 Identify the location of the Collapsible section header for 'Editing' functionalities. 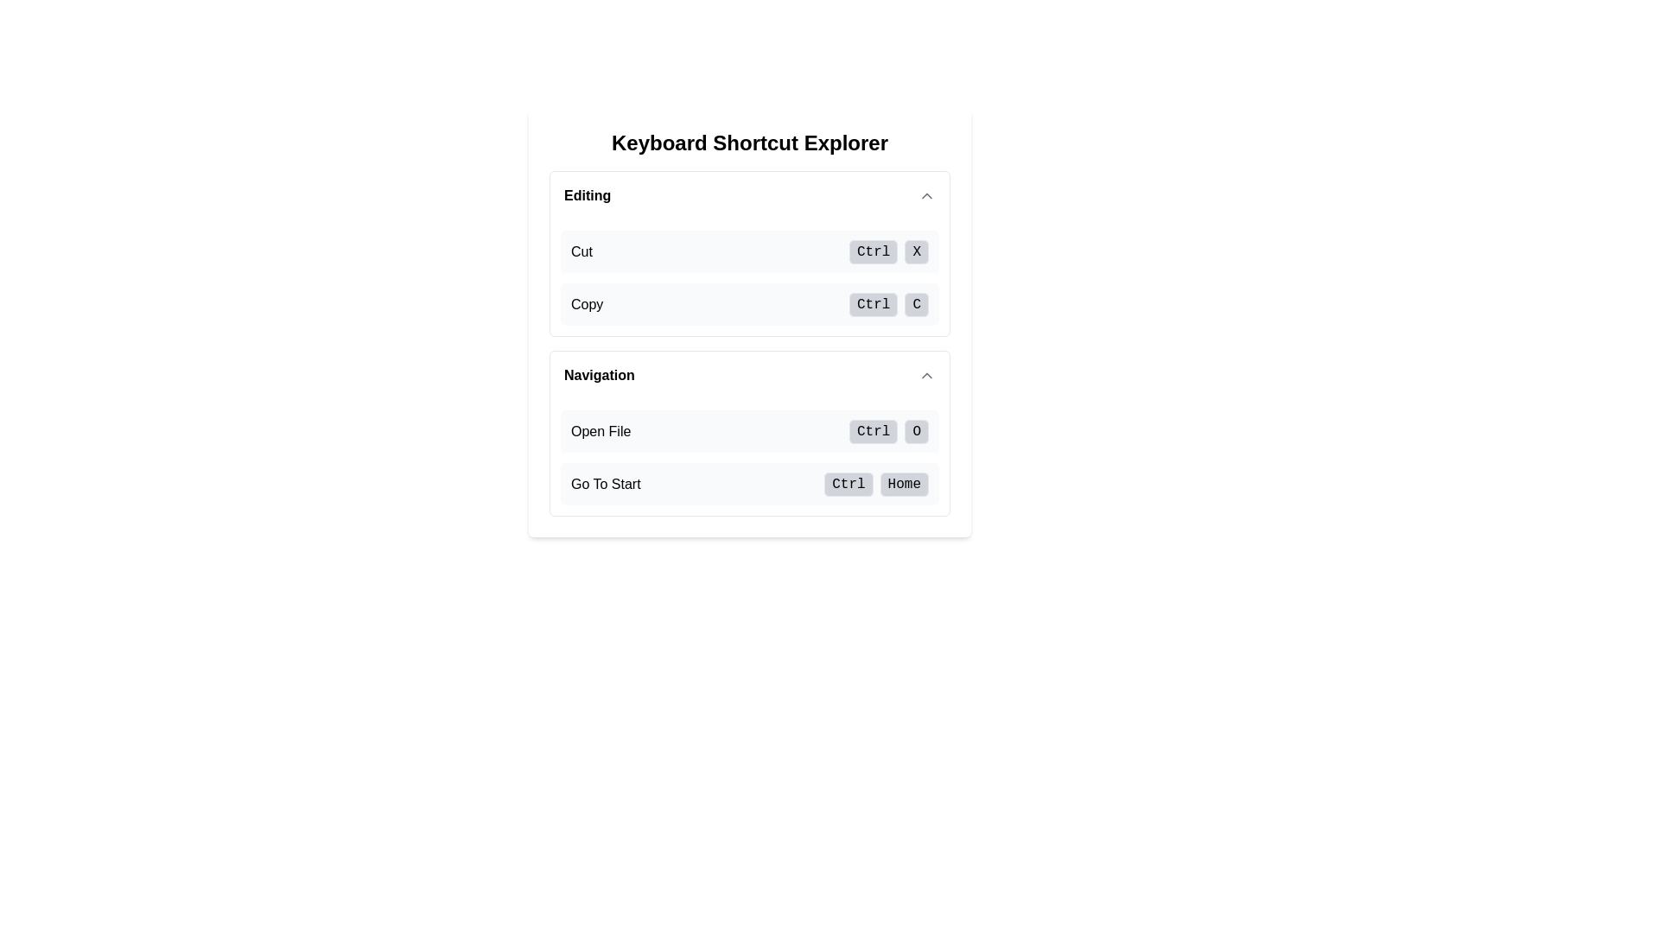
(750, 195).